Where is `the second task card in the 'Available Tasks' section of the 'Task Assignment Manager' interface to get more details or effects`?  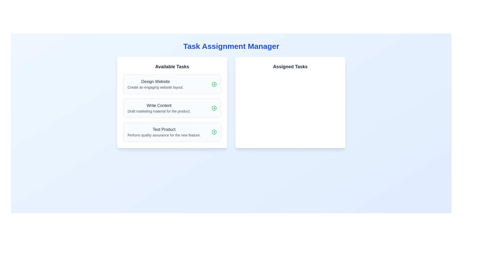 the second task card in the 'Available Tasks' section of the 'Task Assignment Manager' interface to get more details or effects is located at coordinates (172, 108).